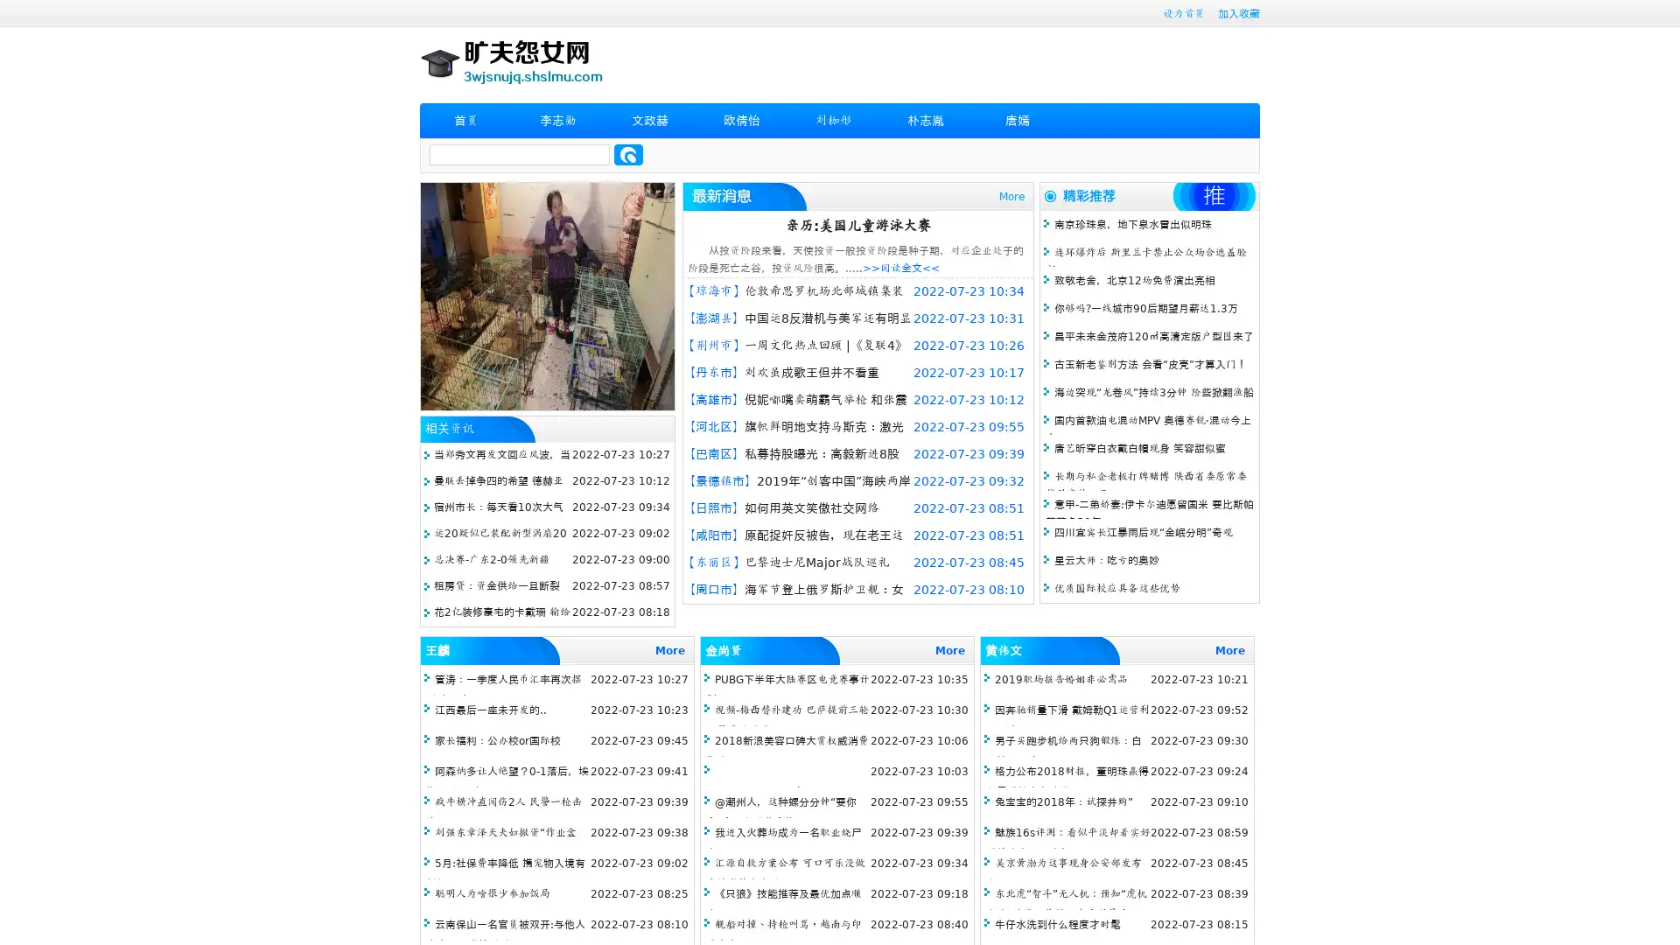  I want to click on Search, so click(628, 154).